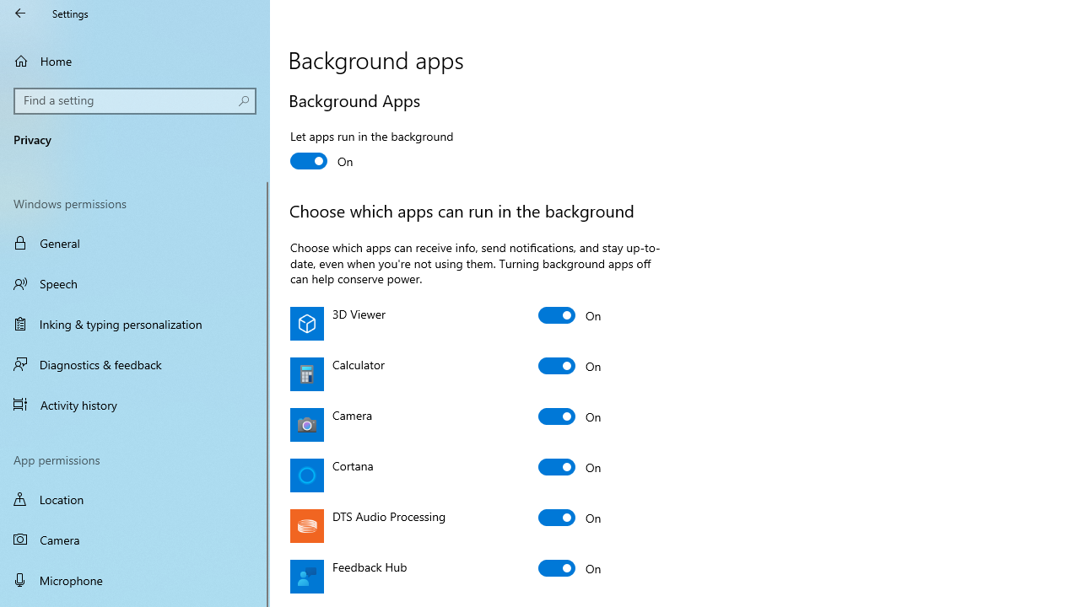 Image resolution: width=1080 pixels, height=607 pixels. I want to click on 'Location', so click(135, 498).